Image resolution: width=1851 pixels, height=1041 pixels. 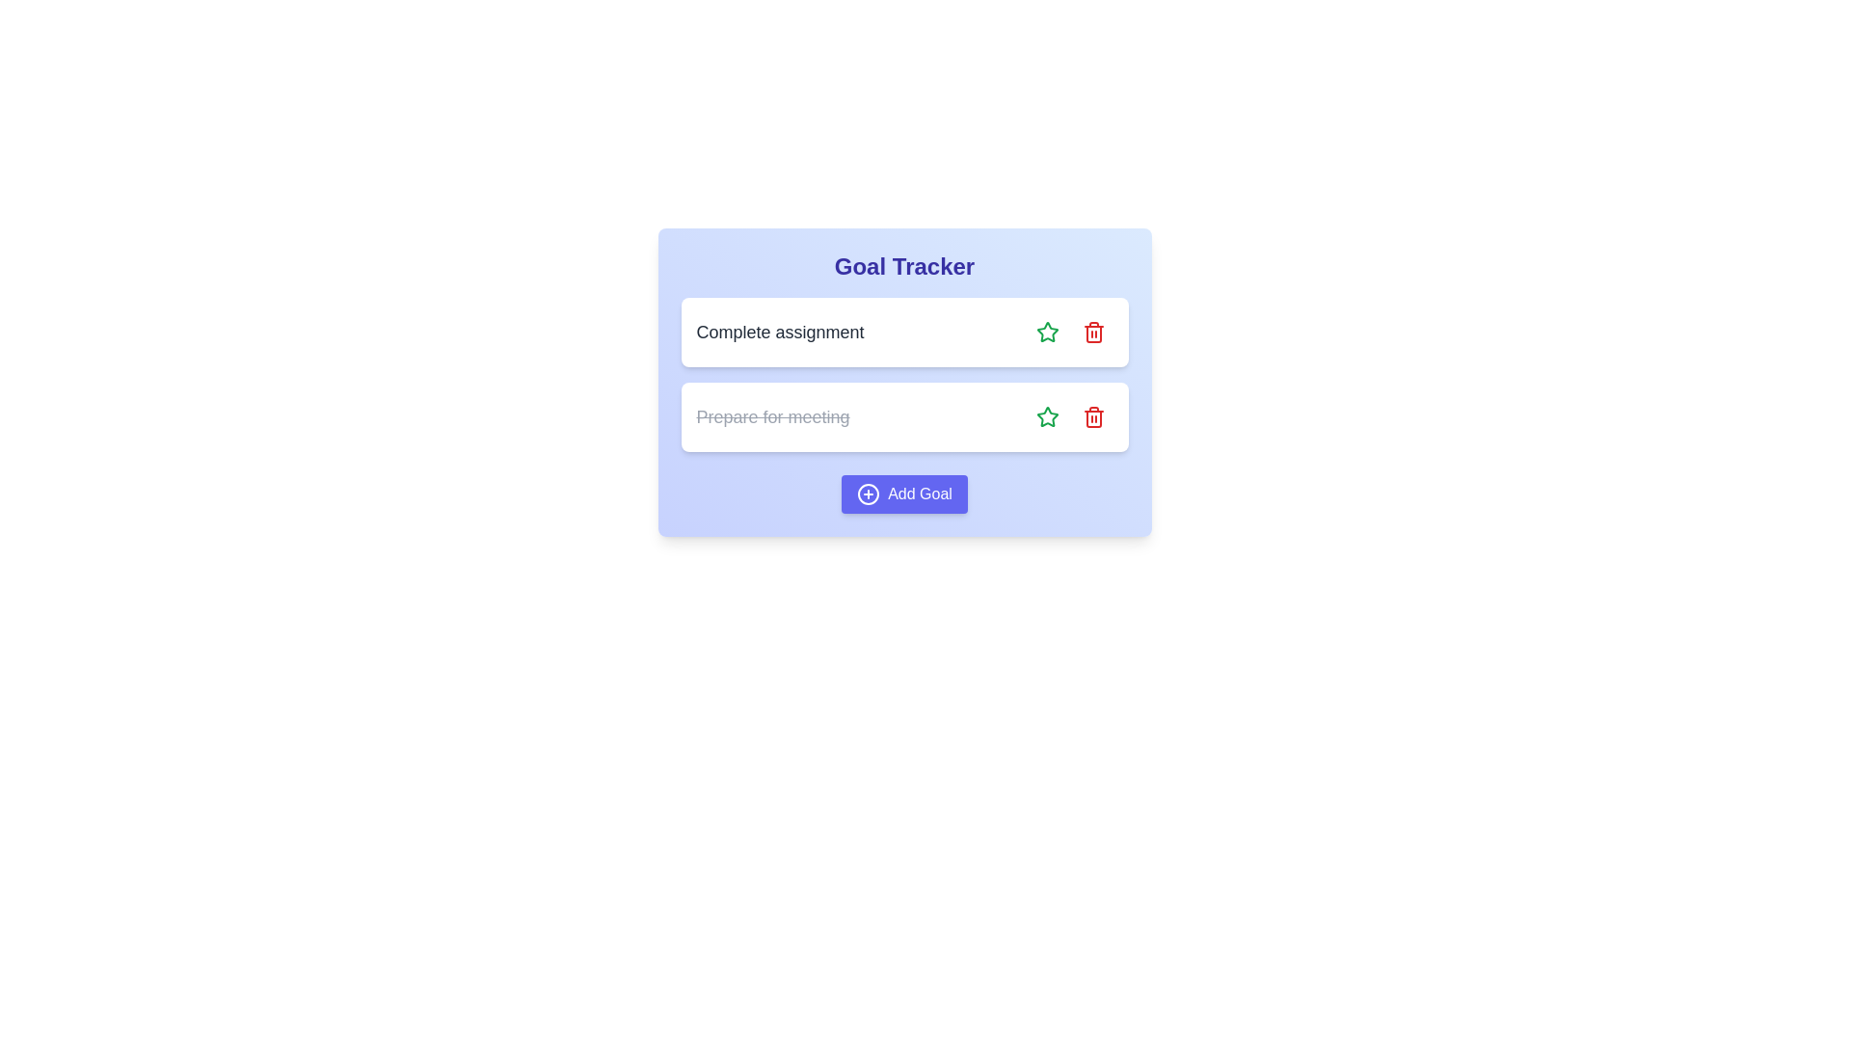 I want to click on the delete button located to the right of the green star icon within the task card for 'Complete assignment', so click(x=1093, y=331).